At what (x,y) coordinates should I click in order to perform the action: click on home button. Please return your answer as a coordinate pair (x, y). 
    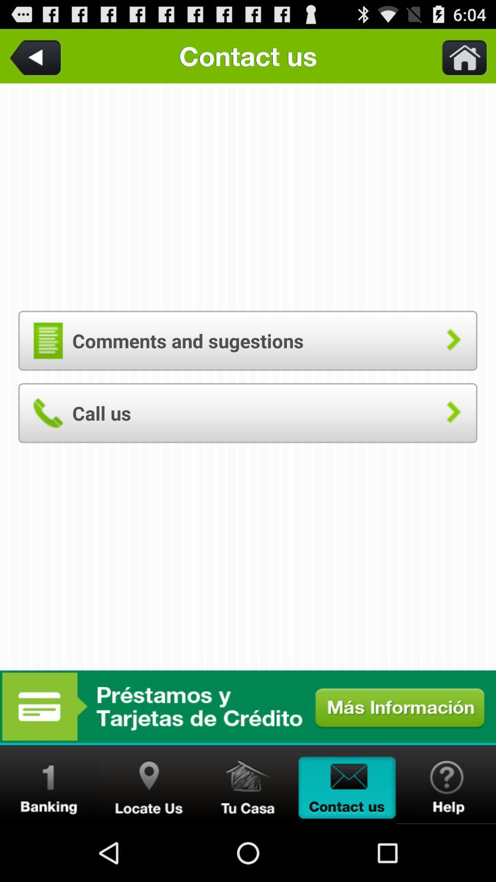
    Looking at the image, I should click on (459, 56).